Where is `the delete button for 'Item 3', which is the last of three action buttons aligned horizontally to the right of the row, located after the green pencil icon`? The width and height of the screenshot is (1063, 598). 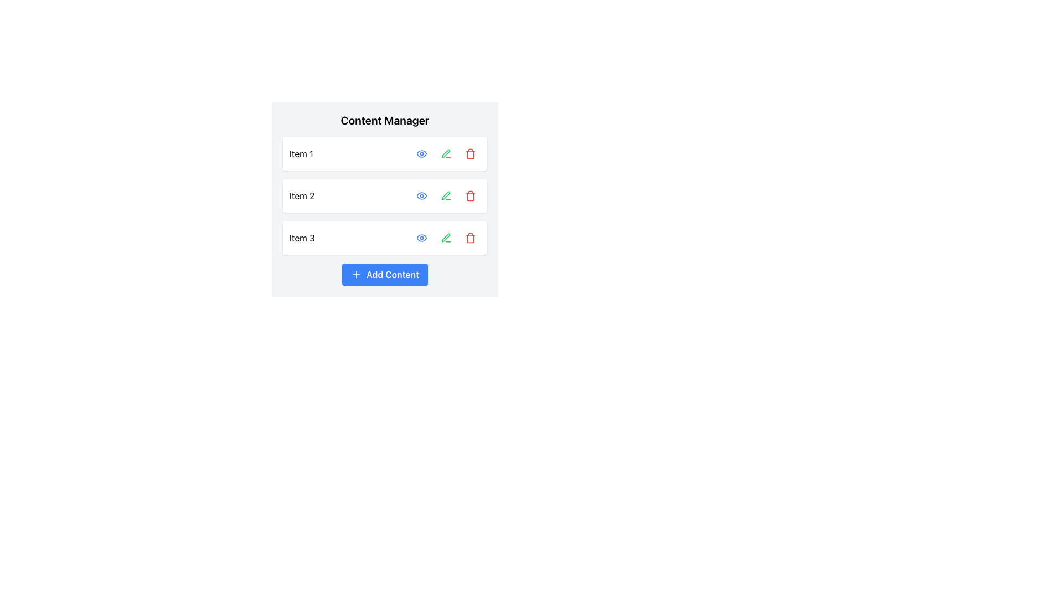
the delete button for 'Item 3', which is the last of three action buttons aligned horizontally to the right of the row, located after the green pencil icon is located at coordinates (470, 237).